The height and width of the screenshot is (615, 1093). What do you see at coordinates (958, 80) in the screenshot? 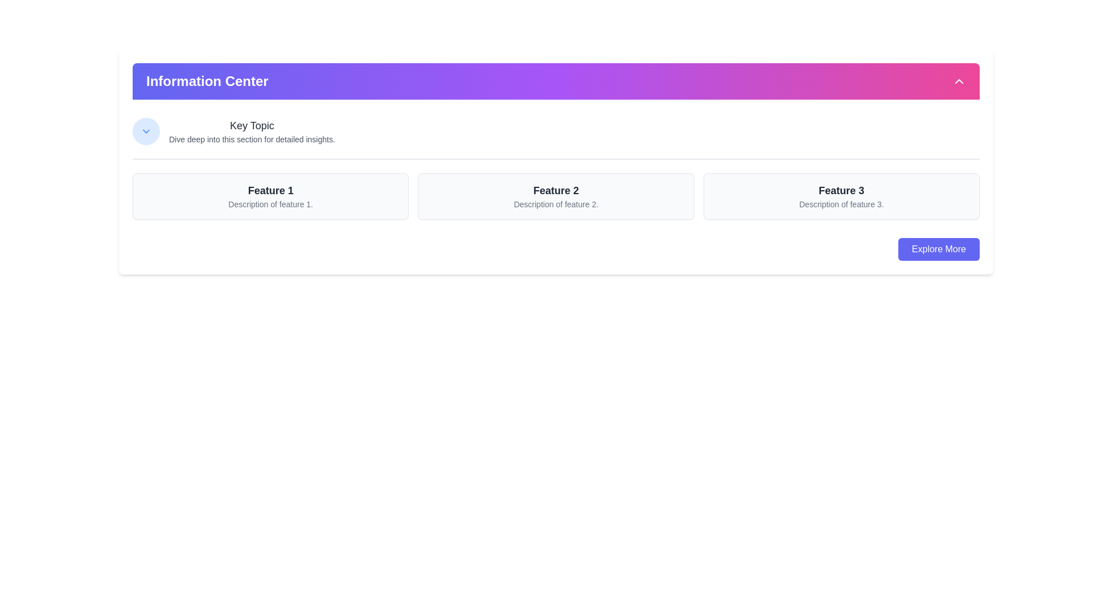
I see `the chevron-up icon button located at the extreme right side of the 'Information Center' gradient header` at bounding box center [958, 80].